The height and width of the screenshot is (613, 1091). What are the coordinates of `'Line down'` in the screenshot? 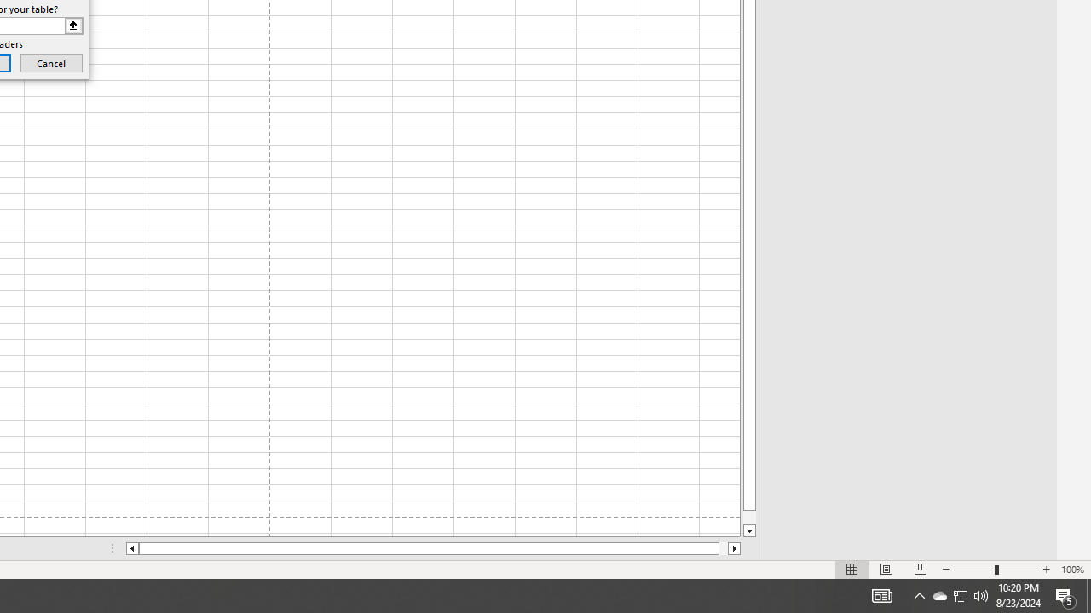 It's located at (749, 530).